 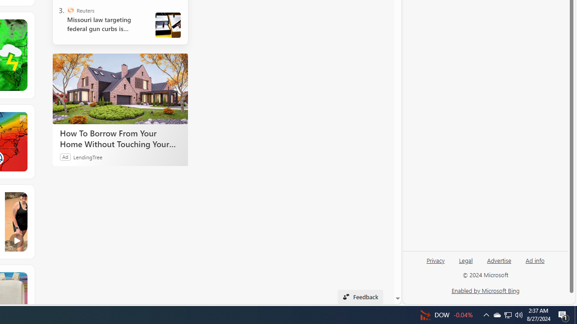 What do you see at coordinates (70, 10) in the screenshot?
I see `'Reuters'` at bounding box center [70, 10].